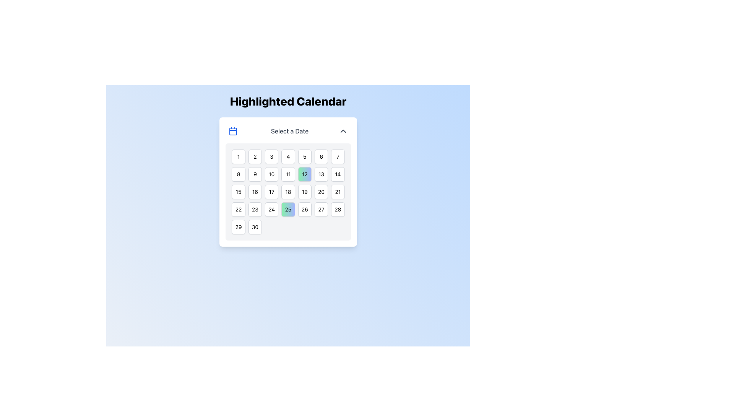 This screenshot has height=413, width=734. What do you see at coordinates (343, 131) in the screenshot?
I see `the upward-pointing chevron icon button located to the far right of the 'Select a Date' header section` at bounding box center [343, 131].